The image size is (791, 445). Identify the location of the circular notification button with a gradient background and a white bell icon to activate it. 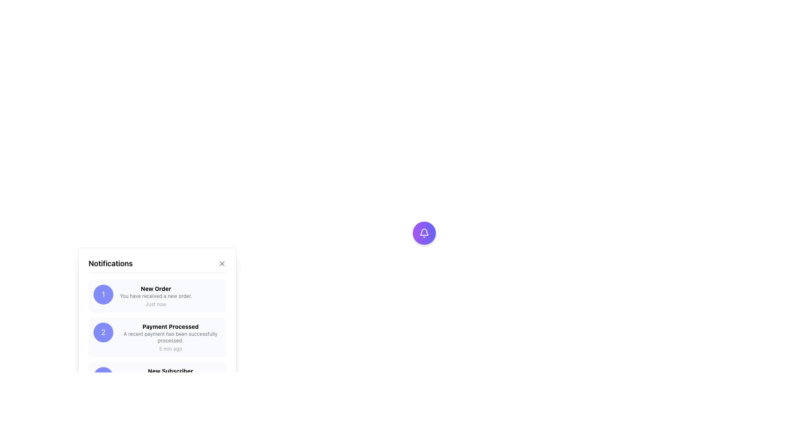
(424, 233).